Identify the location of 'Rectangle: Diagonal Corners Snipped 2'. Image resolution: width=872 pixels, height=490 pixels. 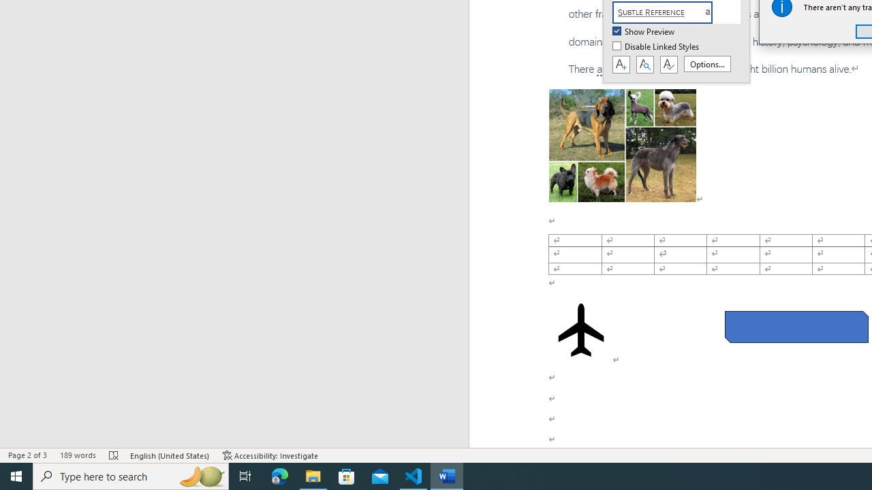
(796, 327).